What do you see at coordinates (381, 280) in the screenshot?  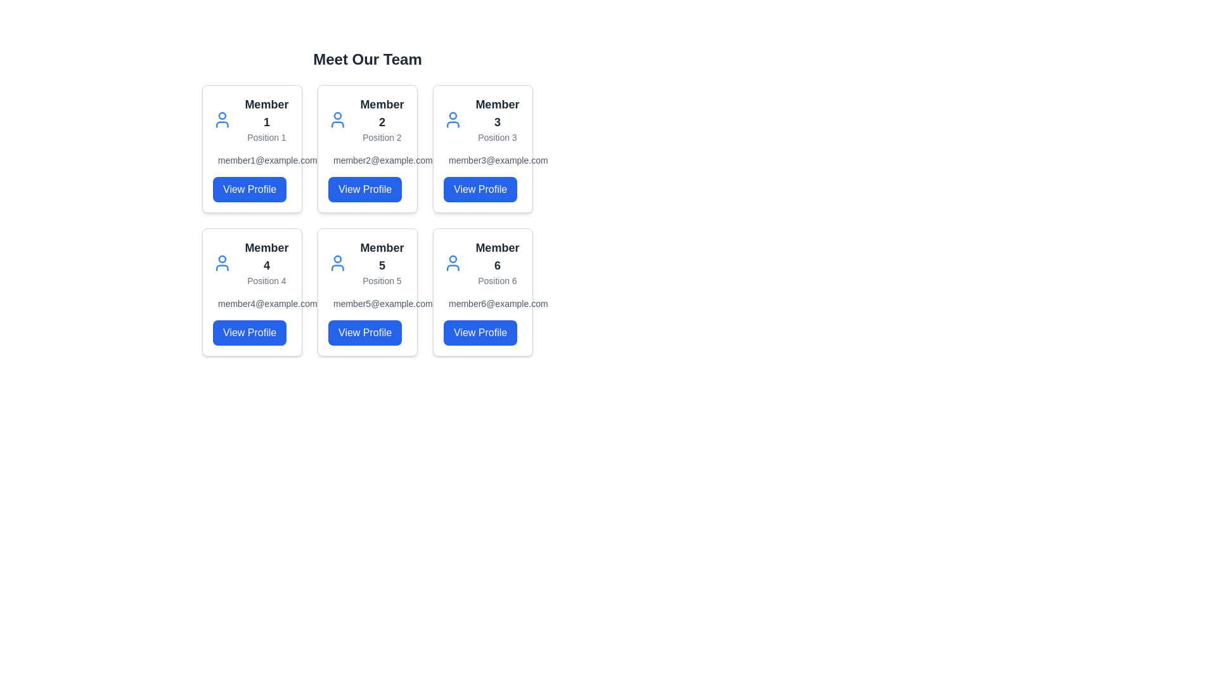 I see `the small gray text label that reads 'Position 5', located below the bolder label 'Member 5' in the second row, middle column of the grid layout` at bounding box center [381, 280].